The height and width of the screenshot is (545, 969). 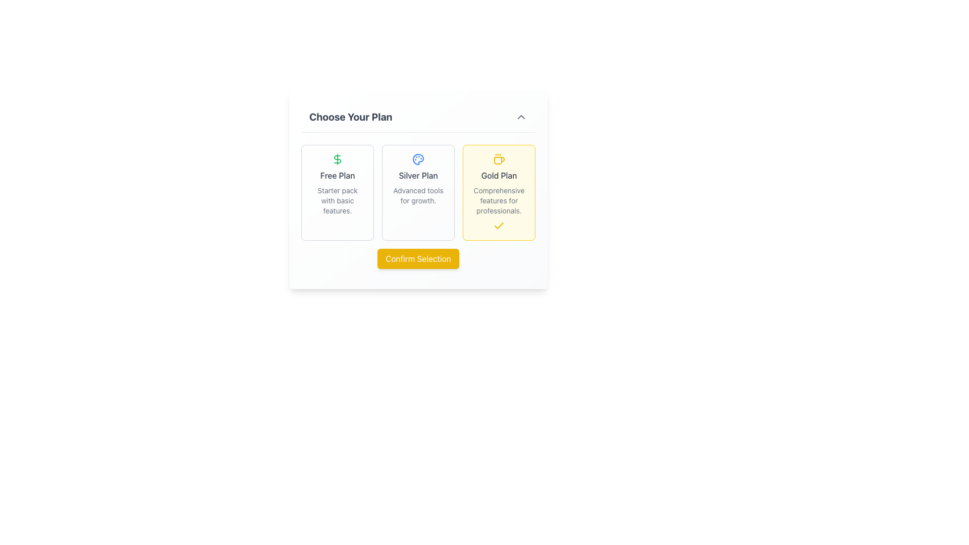 I want to click on the 'Gold Plan' text, which is located within the third subscription plan card, positioned beneath a coffee cup icon and above descriptive text, so click(x=499, y=175).